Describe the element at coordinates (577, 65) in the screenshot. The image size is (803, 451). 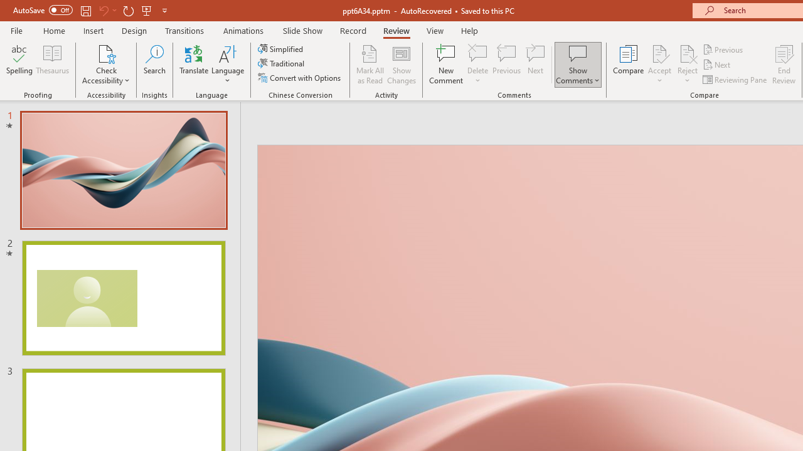
I see `'Show Comments'` at that location.